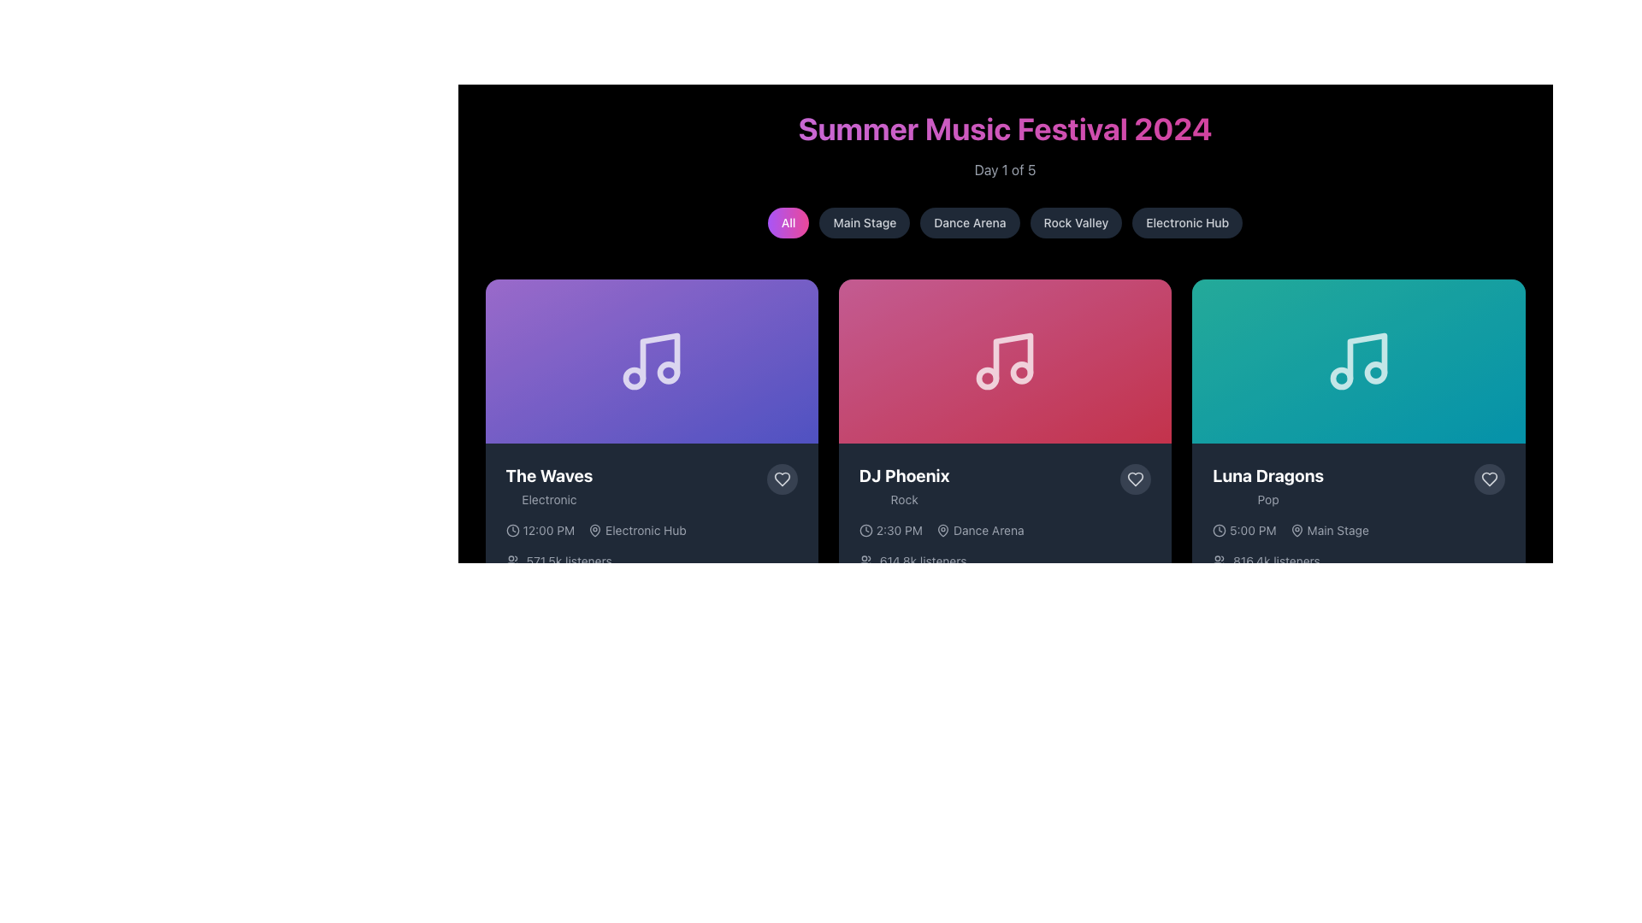 This screenshot has width=1642, height=923. What do you see at coordinates (1005, 222) in the screenshot?
I see `the 'Dance Arena' button located below the 'Summer Music Festival 2024' banner` at bounding box center [1005, 222].